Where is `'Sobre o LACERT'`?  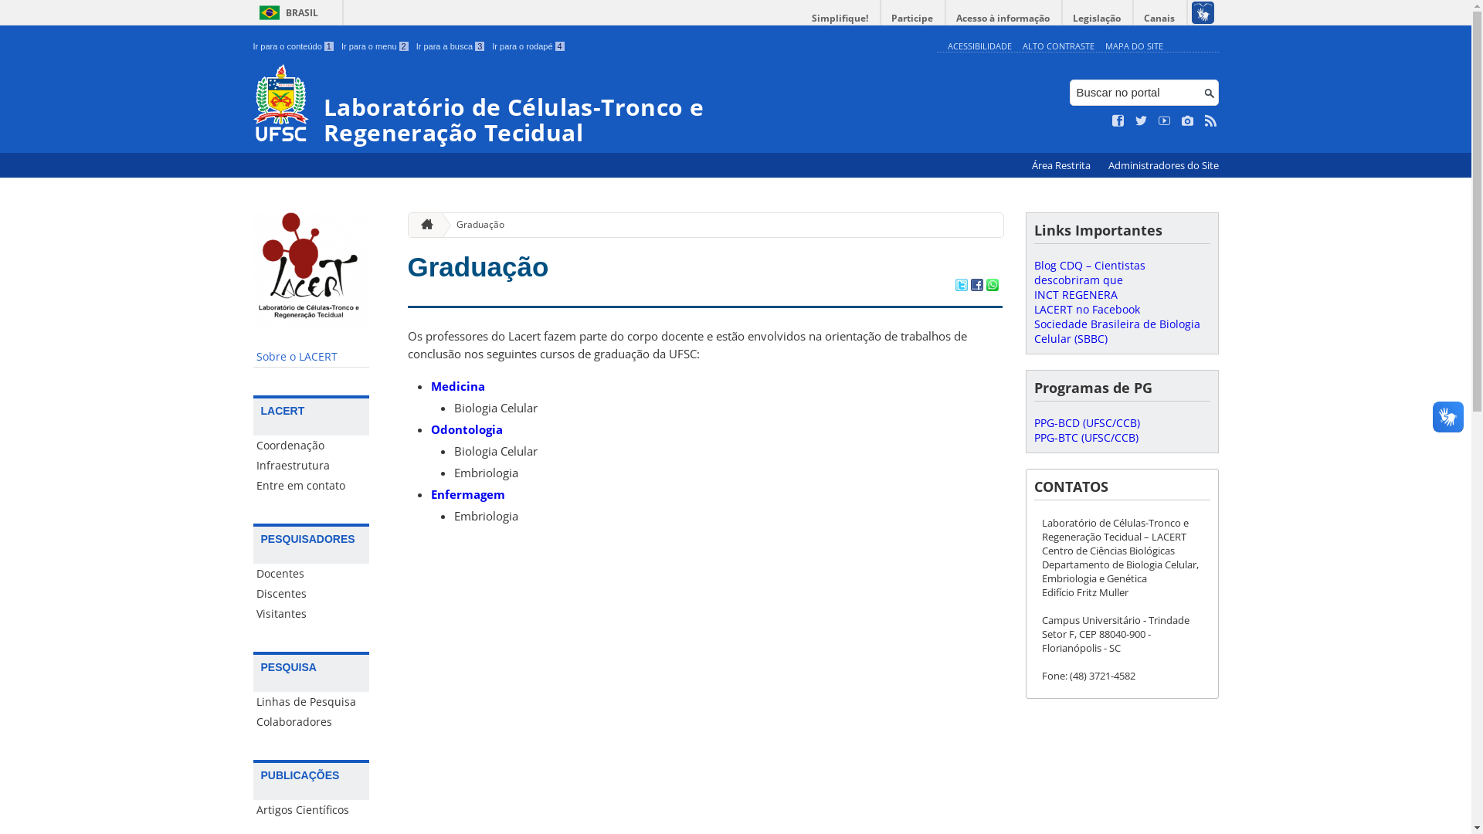 'Sobre o LACERT' is located at coordinates (311, 357).